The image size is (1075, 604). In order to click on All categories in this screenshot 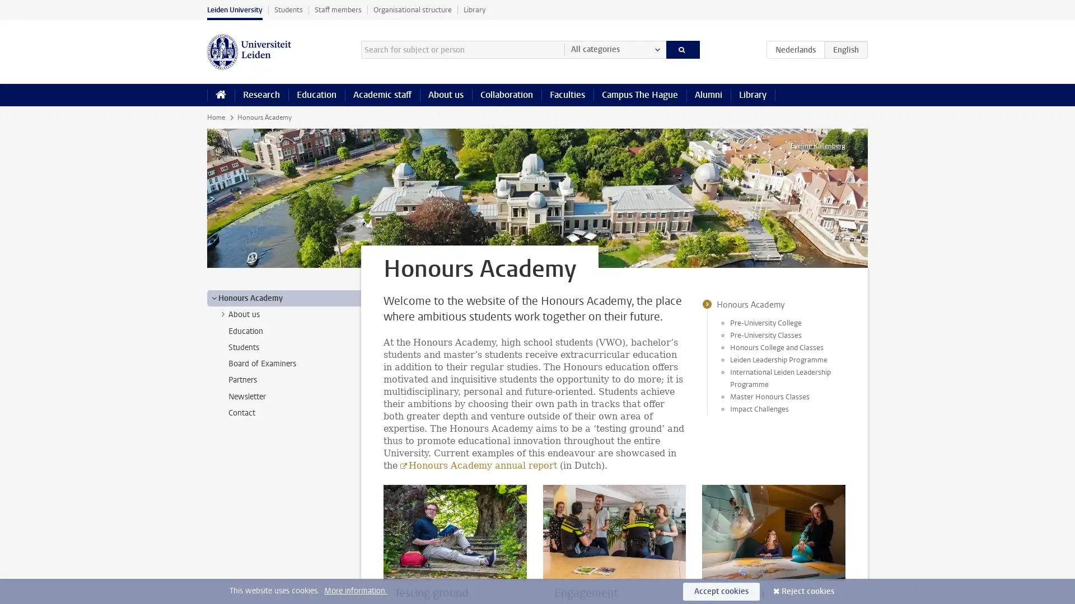, I will do `click(614, 49)`.